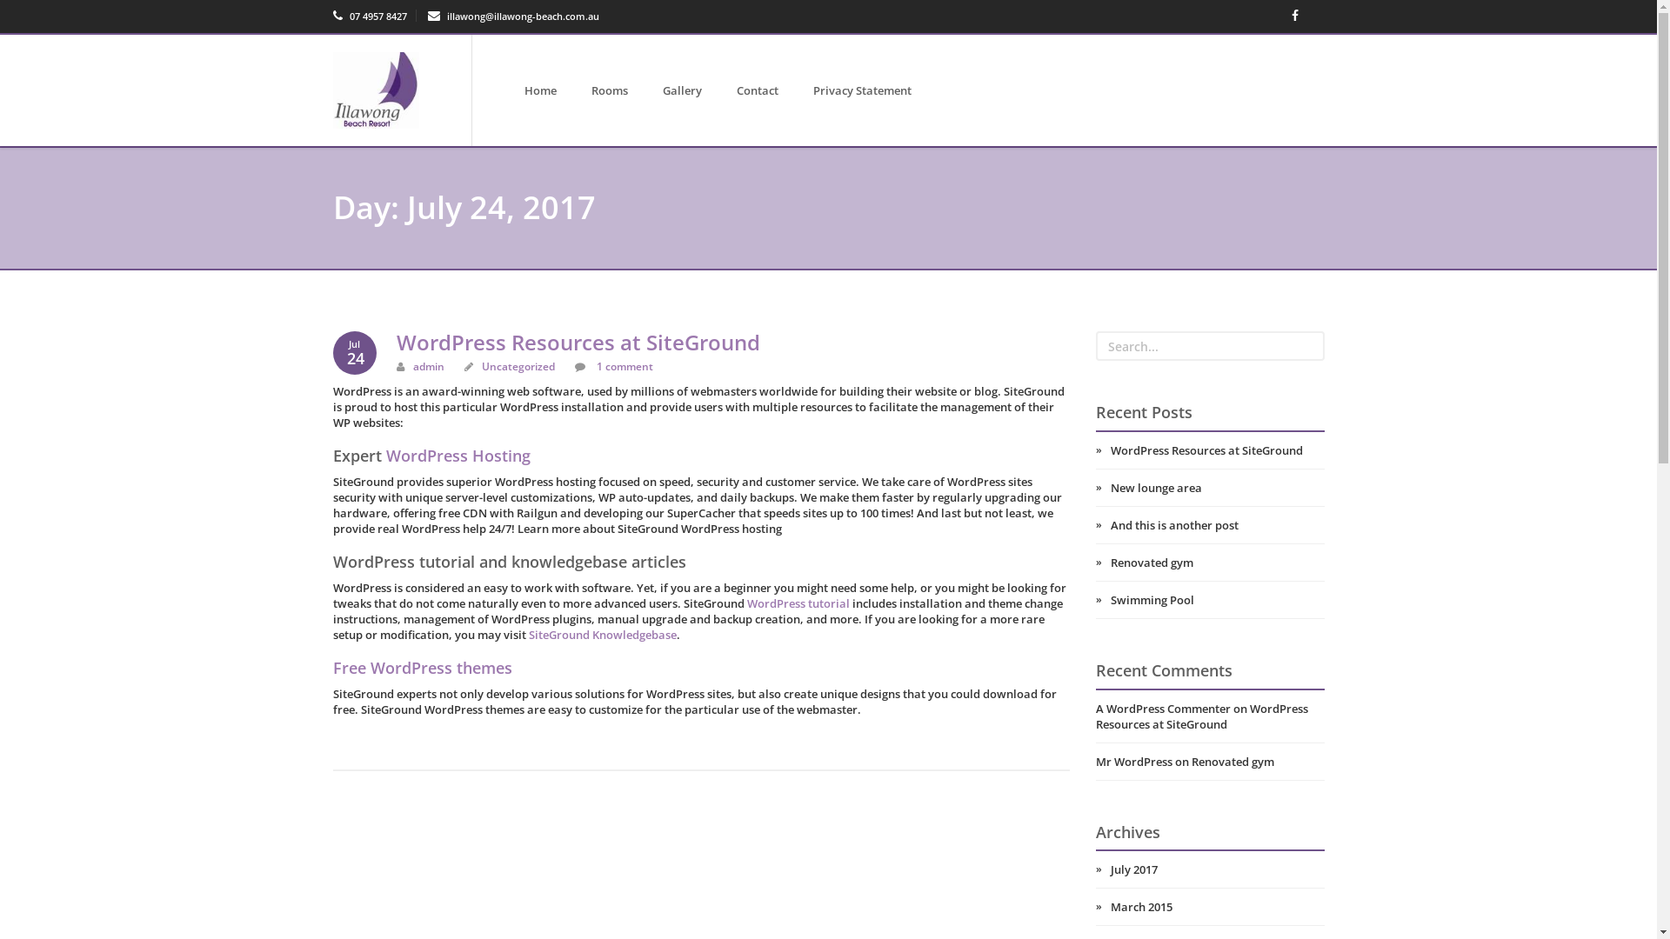 Image resolution: width=1670 pixels, height=939 pixels. I want to click on 'Rooms', so click(609, 90).